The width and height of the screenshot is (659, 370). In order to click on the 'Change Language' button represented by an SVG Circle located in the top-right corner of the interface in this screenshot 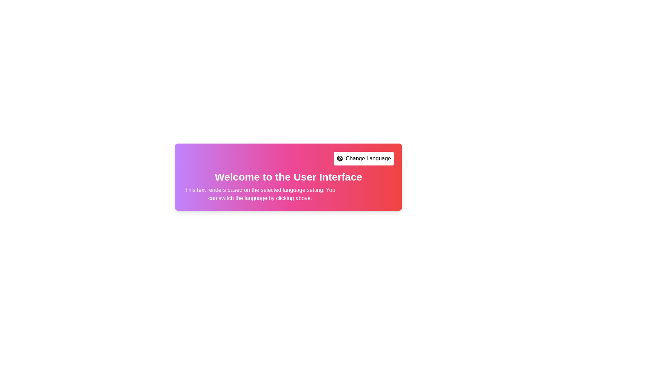, I will do `click(340, 158)`.